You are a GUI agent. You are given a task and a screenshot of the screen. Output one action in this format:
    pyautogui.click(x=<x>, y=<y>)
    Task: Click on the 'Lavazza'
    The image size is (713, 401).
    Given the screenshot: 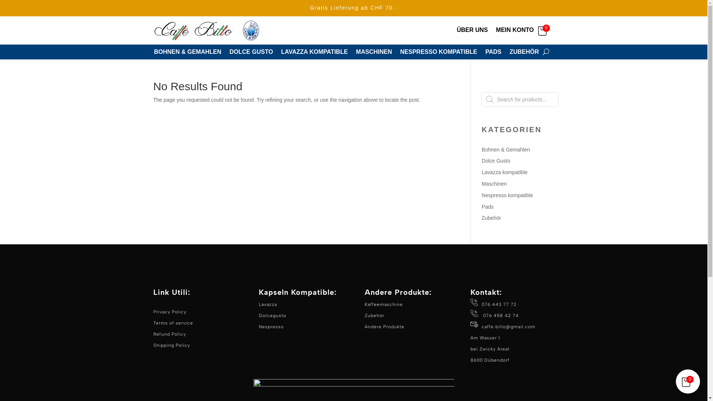 What is the action you would take?
    pyautogui.click(x=267, y=304)
    